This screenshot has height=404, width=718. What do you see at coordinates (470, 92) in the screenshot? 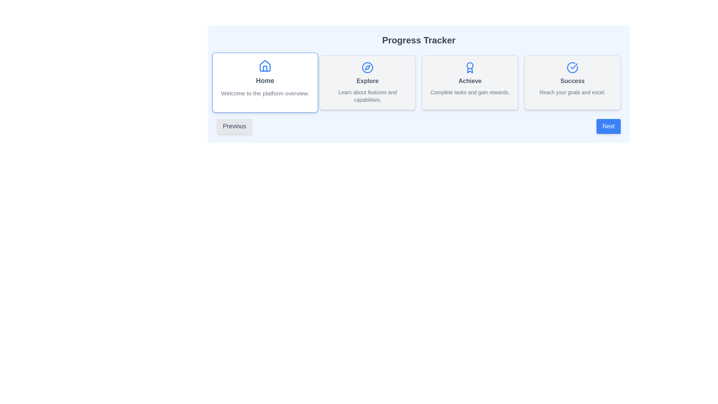
I see `the text label that says 'Complete tasks and gain rewards.' which is styled in a small gray font and located in the card under the 'Achieve' title` at bounding box center [470, 92].